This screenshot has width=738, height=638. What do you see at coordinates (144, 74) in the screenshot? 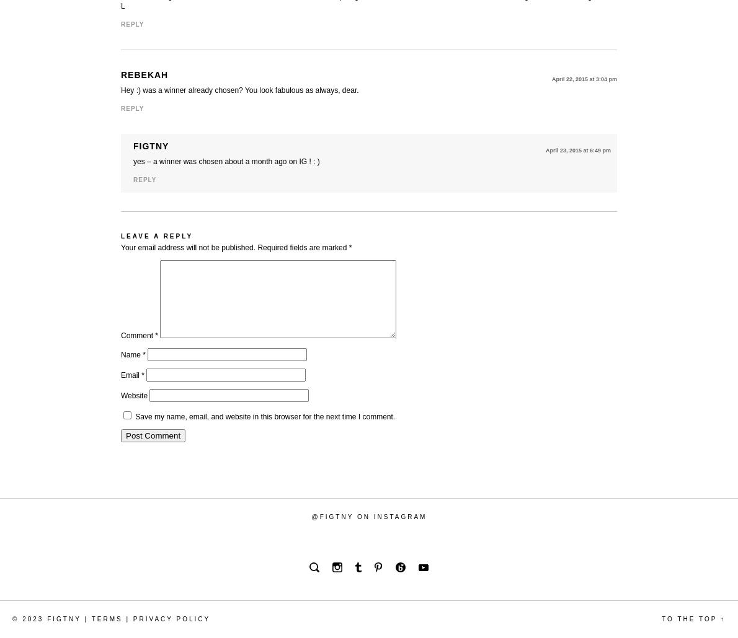
I see `'Rebekah'` at bounding box center [144, 74].